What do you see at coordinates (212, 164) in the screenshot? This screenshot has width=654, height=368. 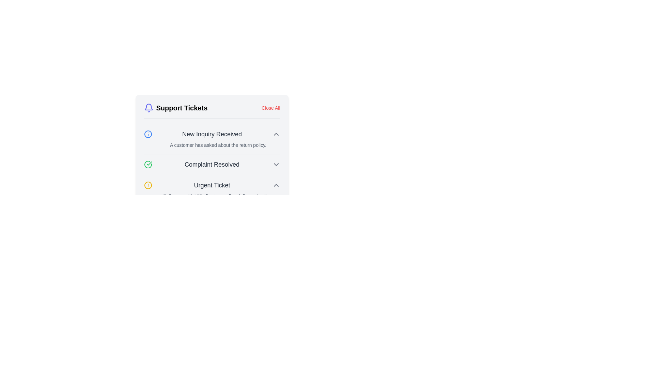 I see `on the second expandable list item labeled 'Complaint Resolved' which is located beneath 'New Inquiry Received' and above 'Urgent Ticket'` at bounding box center [212, 164].